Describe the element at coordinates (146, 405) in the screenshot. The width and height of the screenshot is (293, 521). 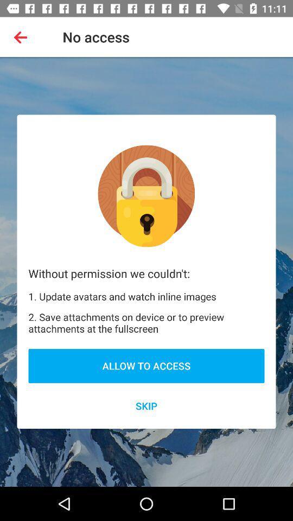
I see `item below allow to access item` at that location.